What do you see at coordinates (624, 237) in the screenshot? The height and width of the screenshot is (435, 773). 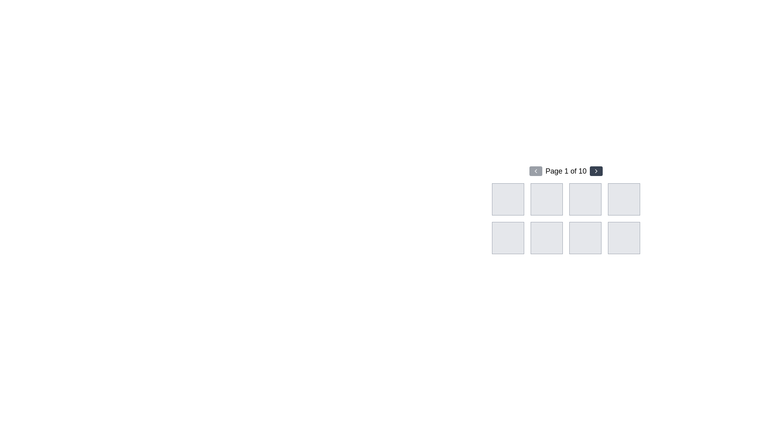 I see `the decorative or functional box located in the second row, fourth column of the 4x2 grid on the right side of the page layout` at bounding box center [624, 237].